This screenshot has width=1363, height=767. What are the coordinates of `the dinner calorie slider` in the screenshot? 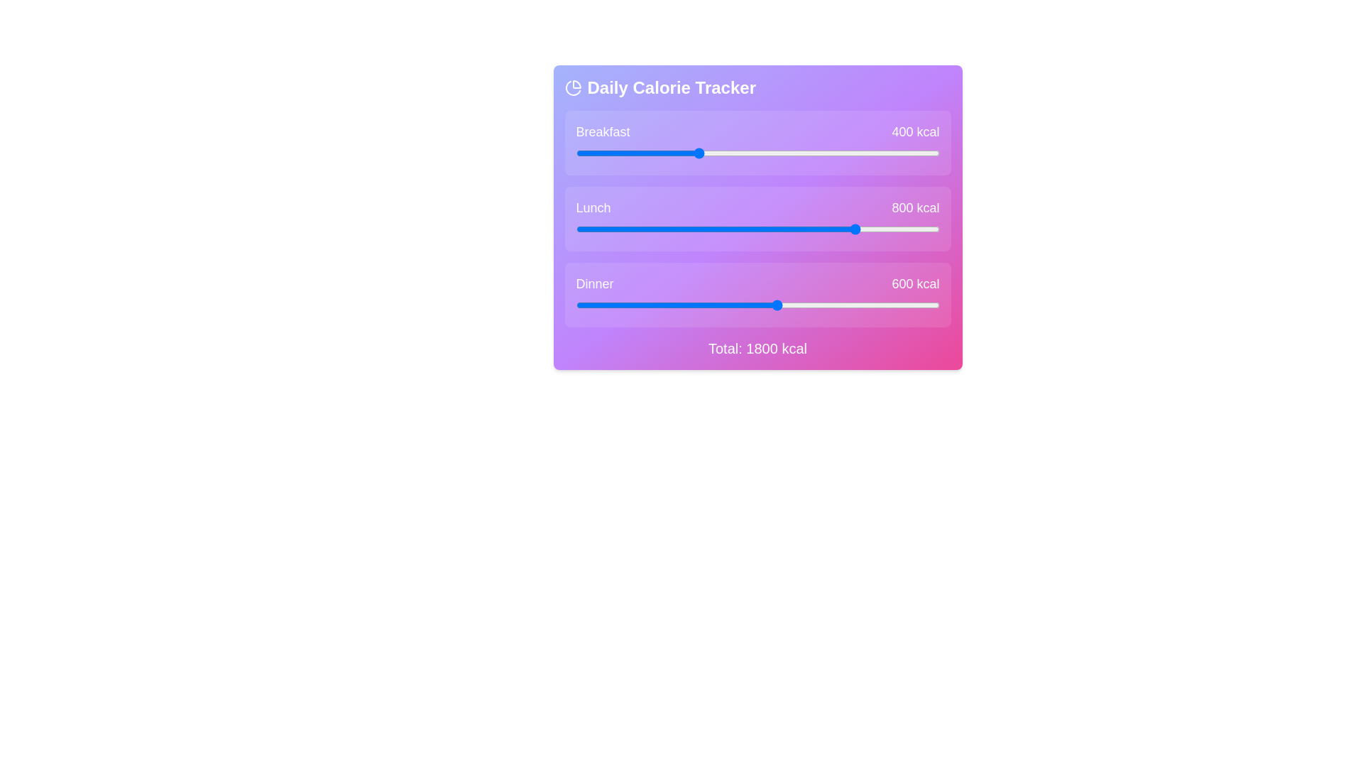 It's located at (620, 304).